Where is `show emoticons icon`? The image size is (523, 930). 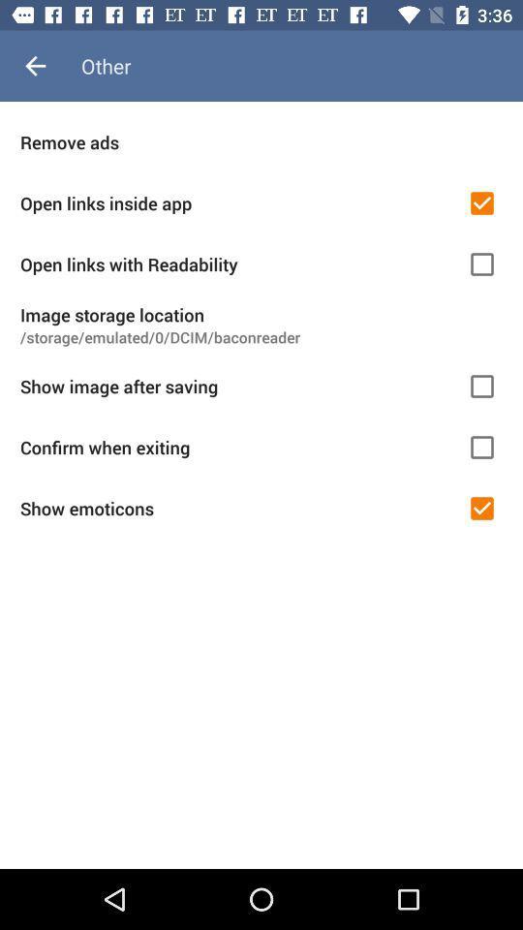
show emoticons icon is located at coordinates (237, 508).